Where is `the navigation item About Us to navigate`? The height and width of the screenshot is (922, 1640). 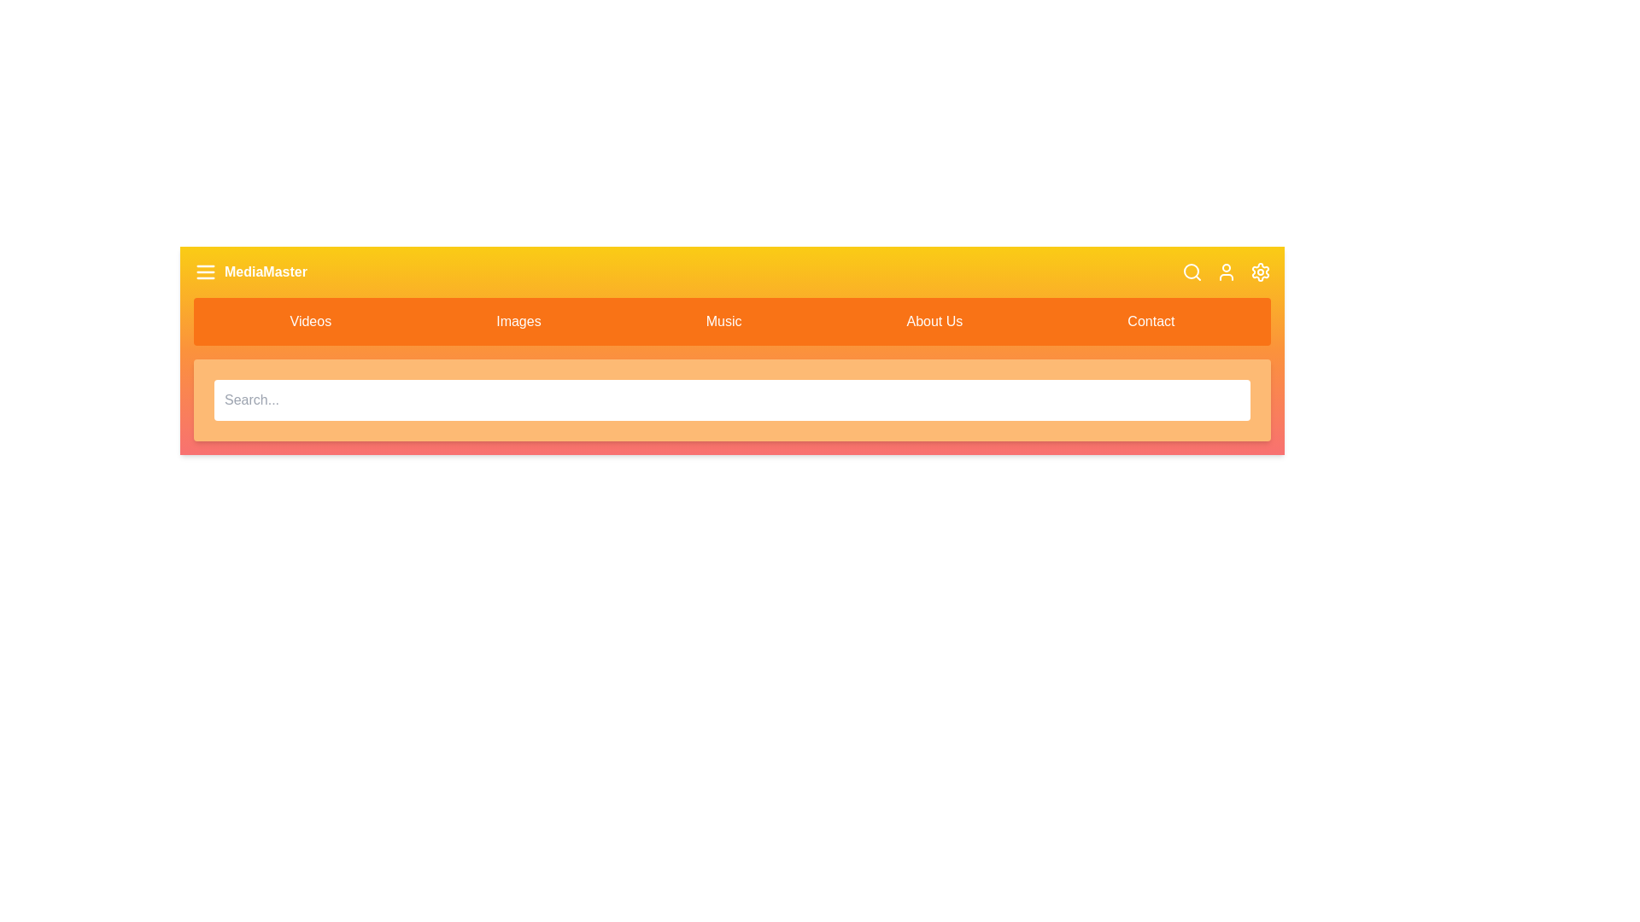 the navigation item About Us to navigate is located at coordinates (934, 322).